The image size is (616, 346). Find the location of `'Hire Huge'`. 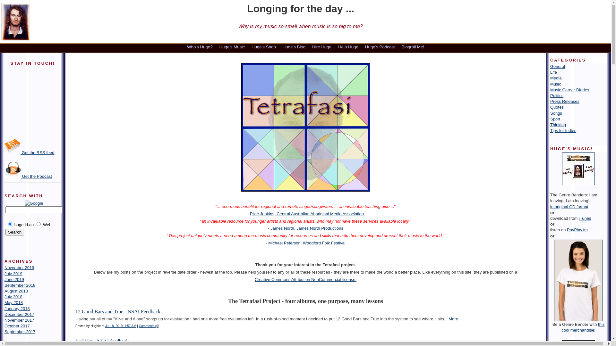

'Hire Huge' is located at coordinates (322, 46).